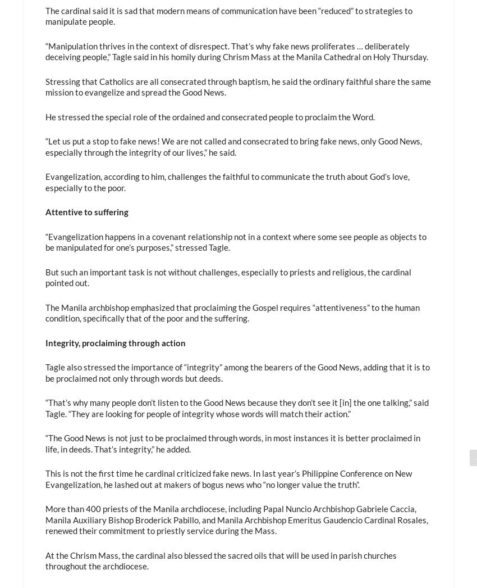 This screenshot has height=588, width=477. Describe the element at coordinates (233, 146) in the screenshot. I see `'“Let us put a stop to fake news! We are not called and consecrated to bring fake news, only Good News, especially through the integrity of our lives,” he said.'` at that location.